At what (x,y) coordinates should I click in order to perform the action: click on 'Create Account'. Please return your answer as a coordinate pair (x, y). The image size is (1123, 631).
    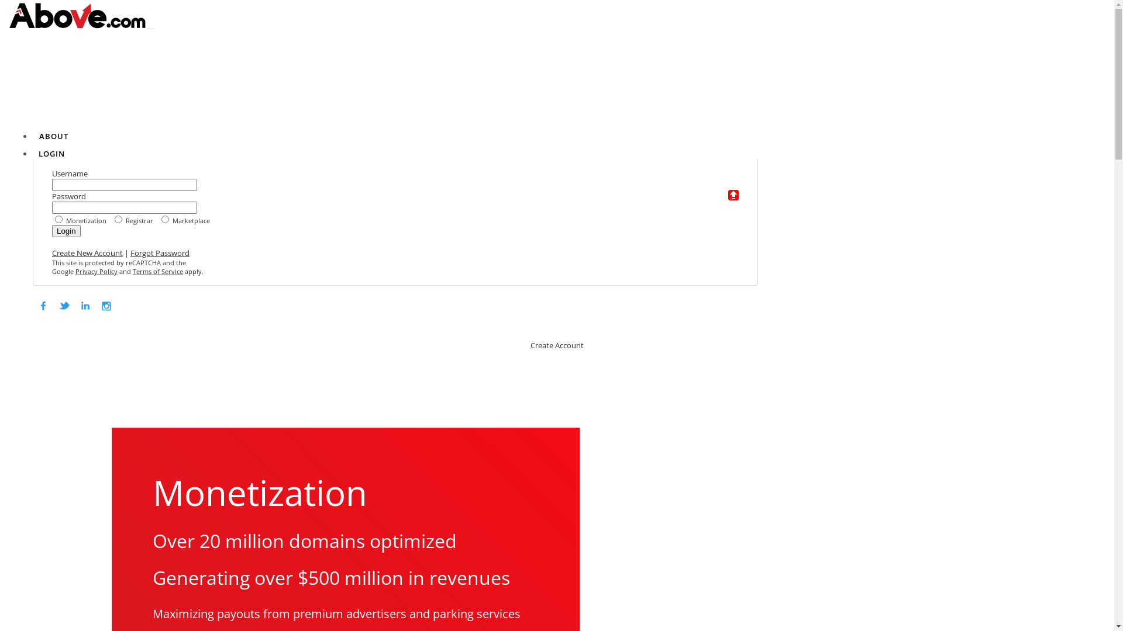
    Looking at the image, I should click on (530, 344).